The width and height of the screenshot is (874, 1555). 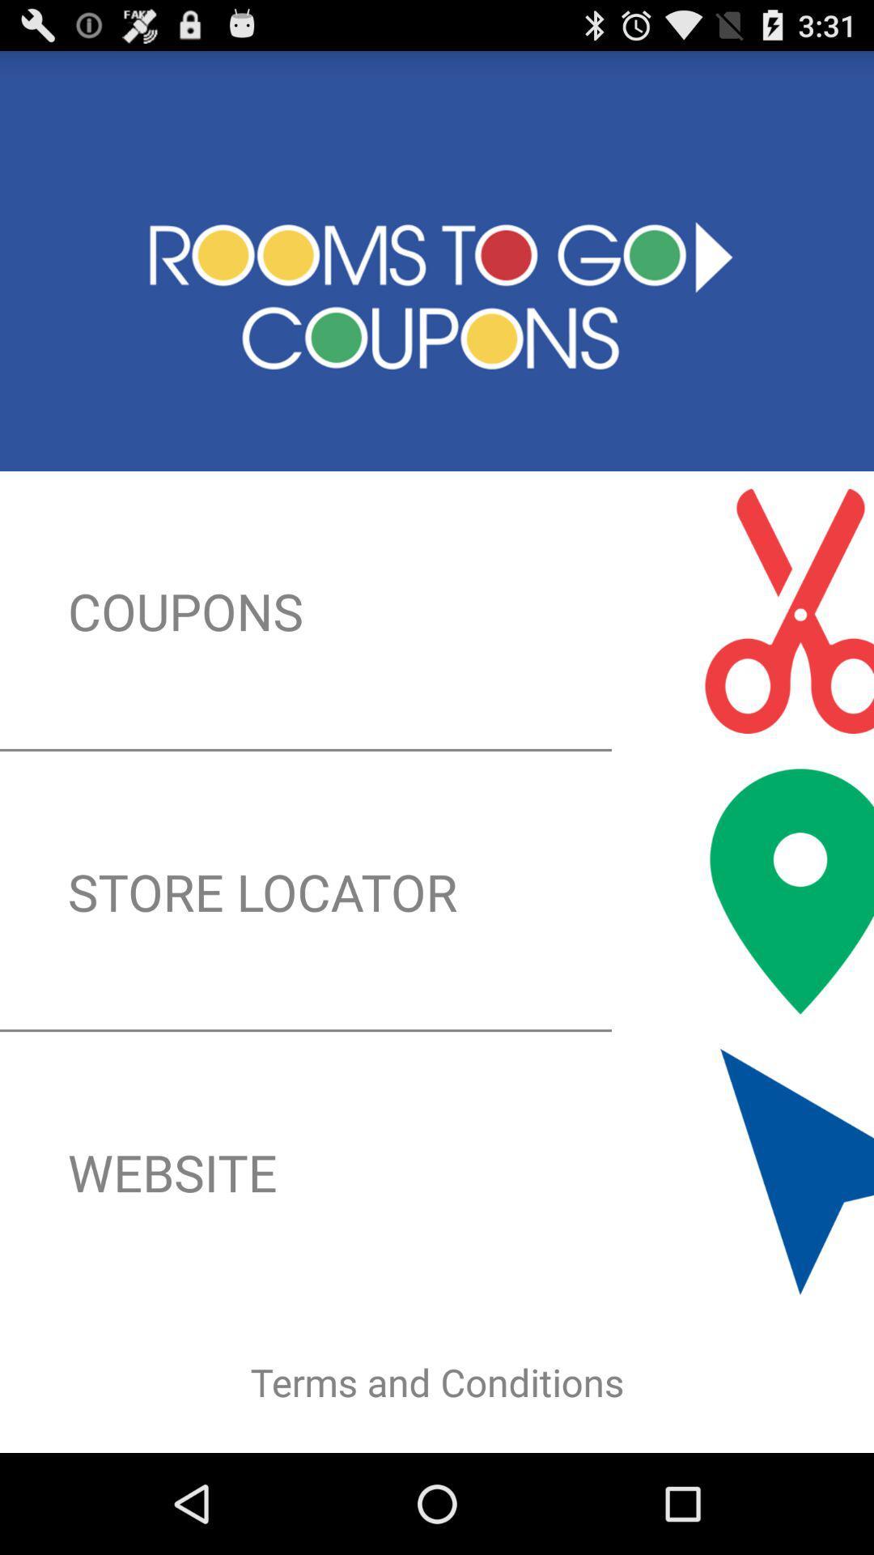 What do you see at coordinates (437, 890) in the screenshot?
I see `the icon below coupons` at bounding box center [437, 890].